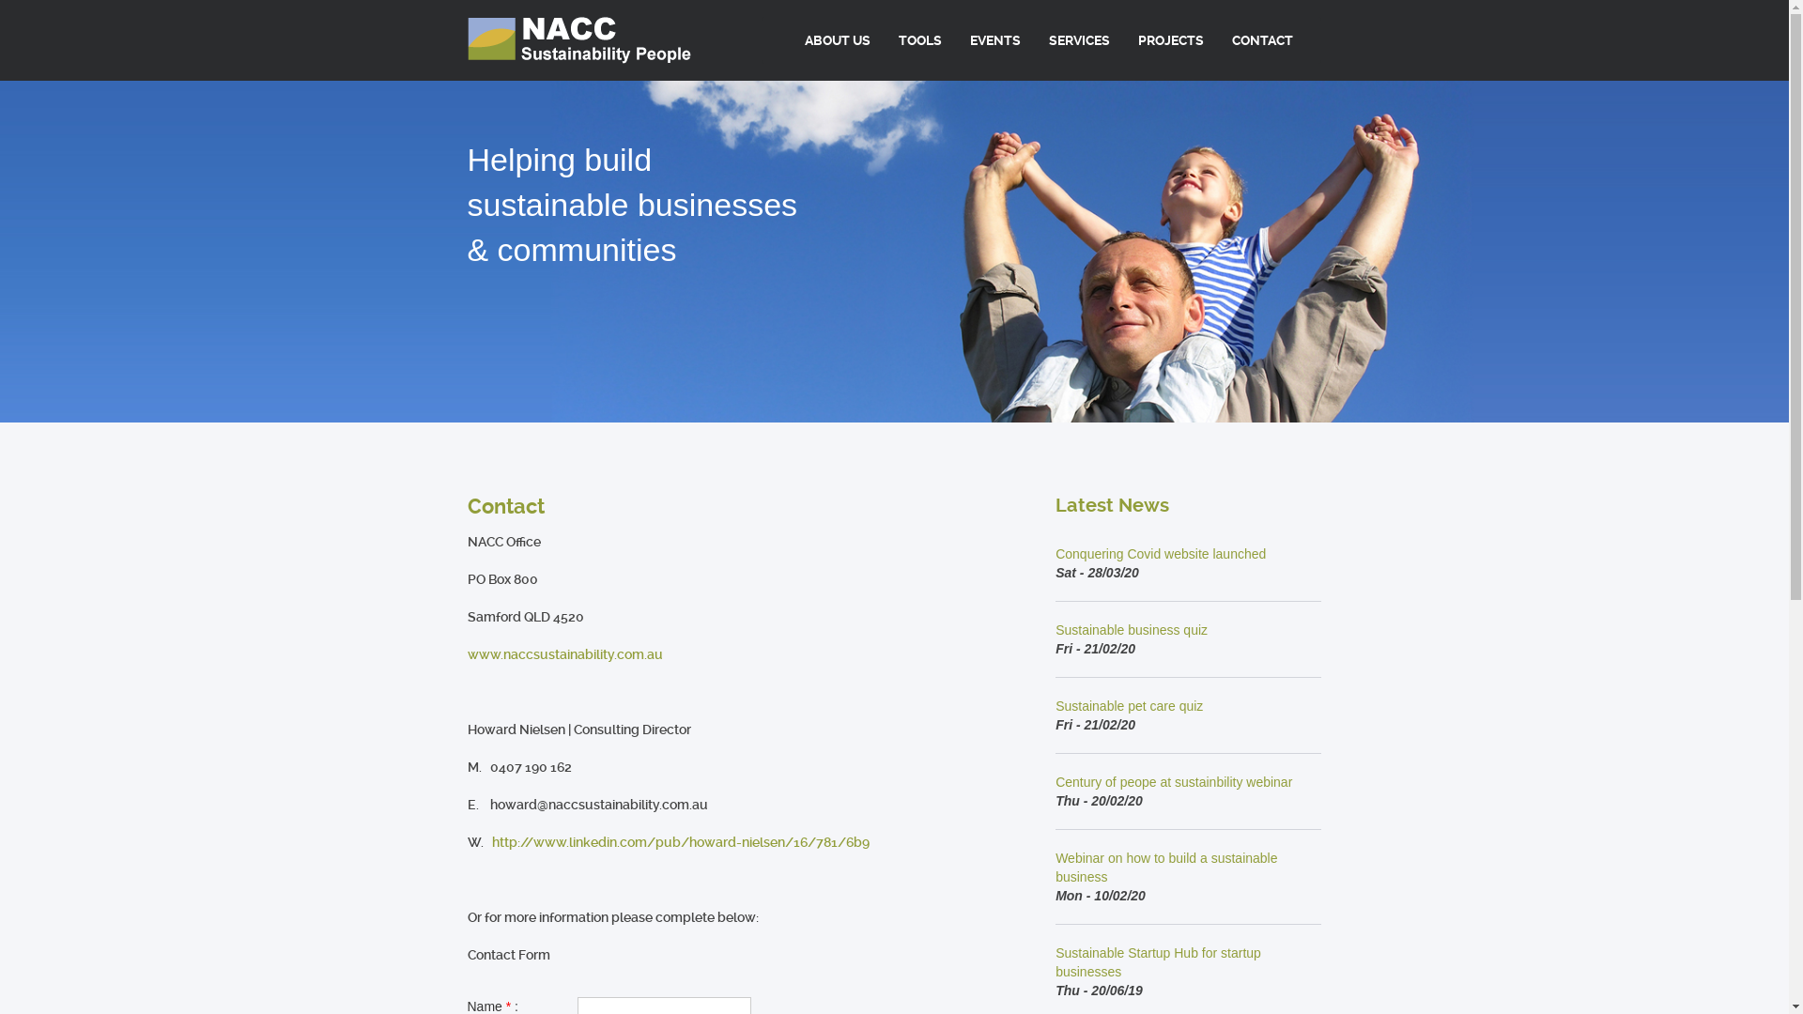 The width and height of the screenshot is (1803, 1014). What do you see at coordinates (679, 841) in the screenshot?
I see `'http://www.linkedin.com/pub/howard-nielsen/16/781/6b9'` at bounding box center [679, 841].